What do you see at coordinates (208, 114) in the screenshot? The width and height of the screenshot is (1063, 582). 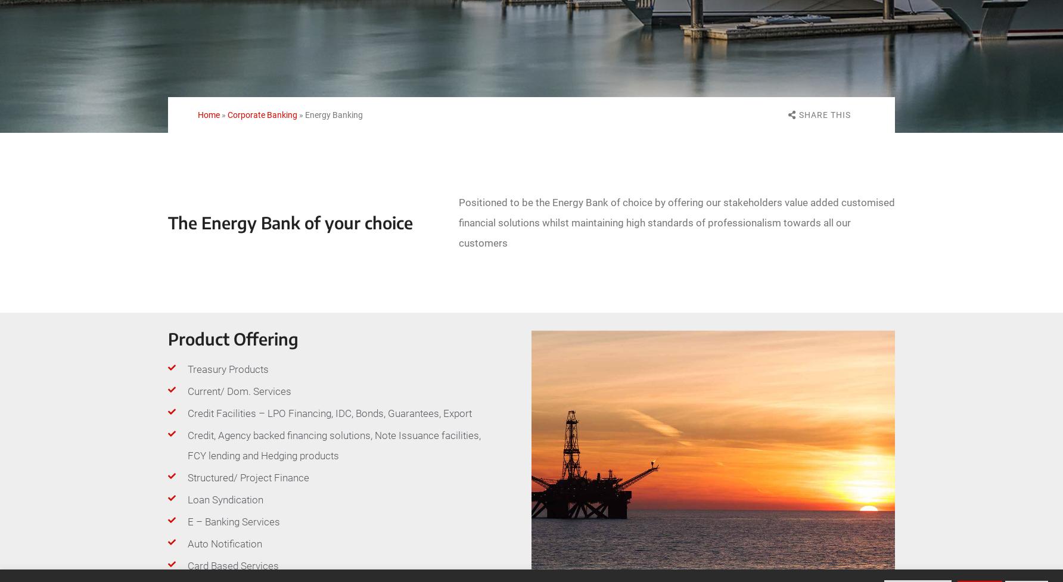 I see `'Home'` at bounding box center [208, 114].